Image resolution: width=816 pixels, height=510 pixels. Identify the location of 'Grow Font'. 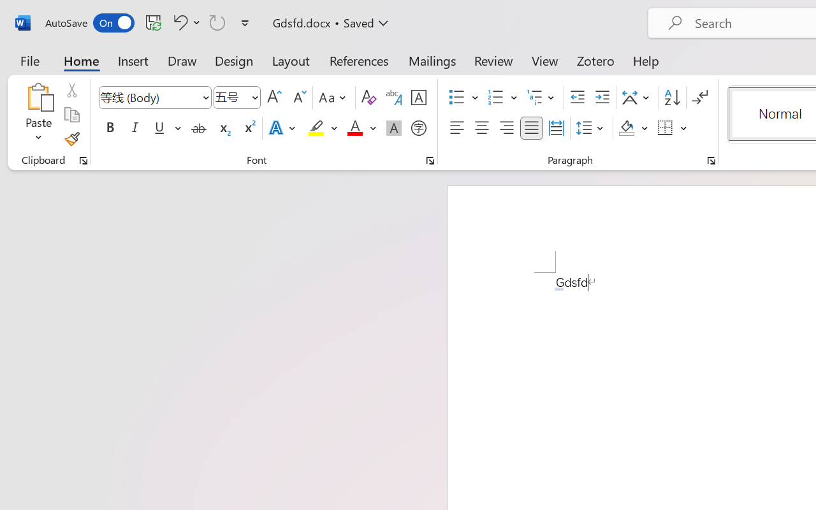
(273, 98).